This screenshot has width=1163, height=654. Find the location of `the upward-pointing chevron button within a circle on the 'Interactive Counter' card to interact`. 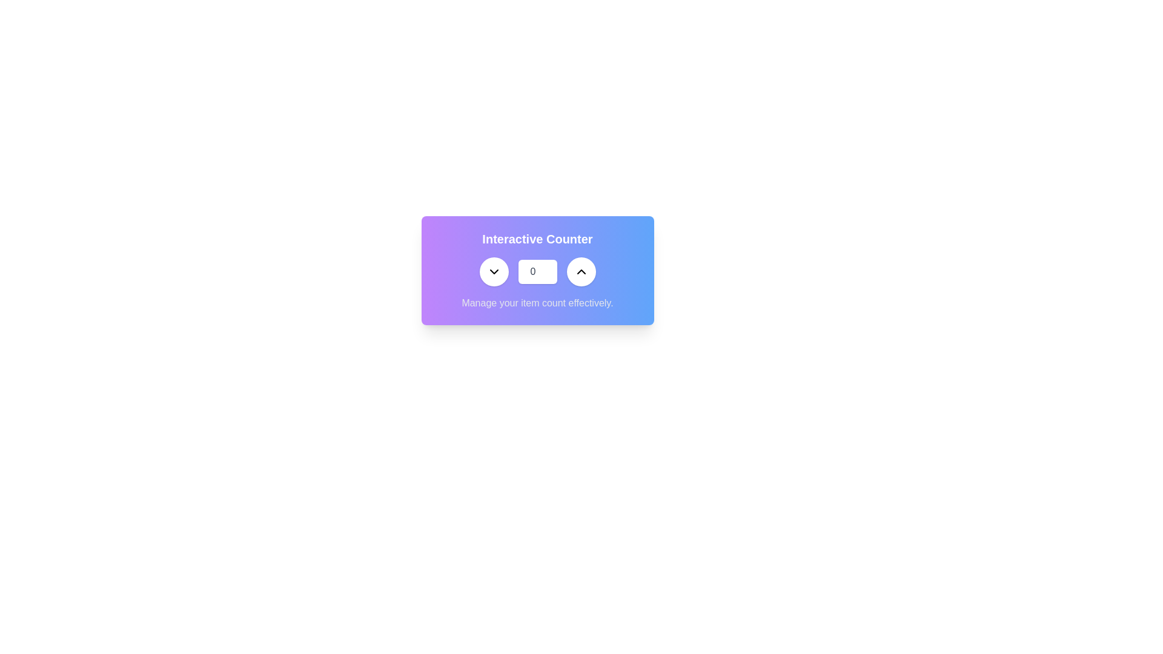

the upward-pointing chevron button within a circle on the 'Interactive Counter' card to interact is located at coordinates (580, 271).